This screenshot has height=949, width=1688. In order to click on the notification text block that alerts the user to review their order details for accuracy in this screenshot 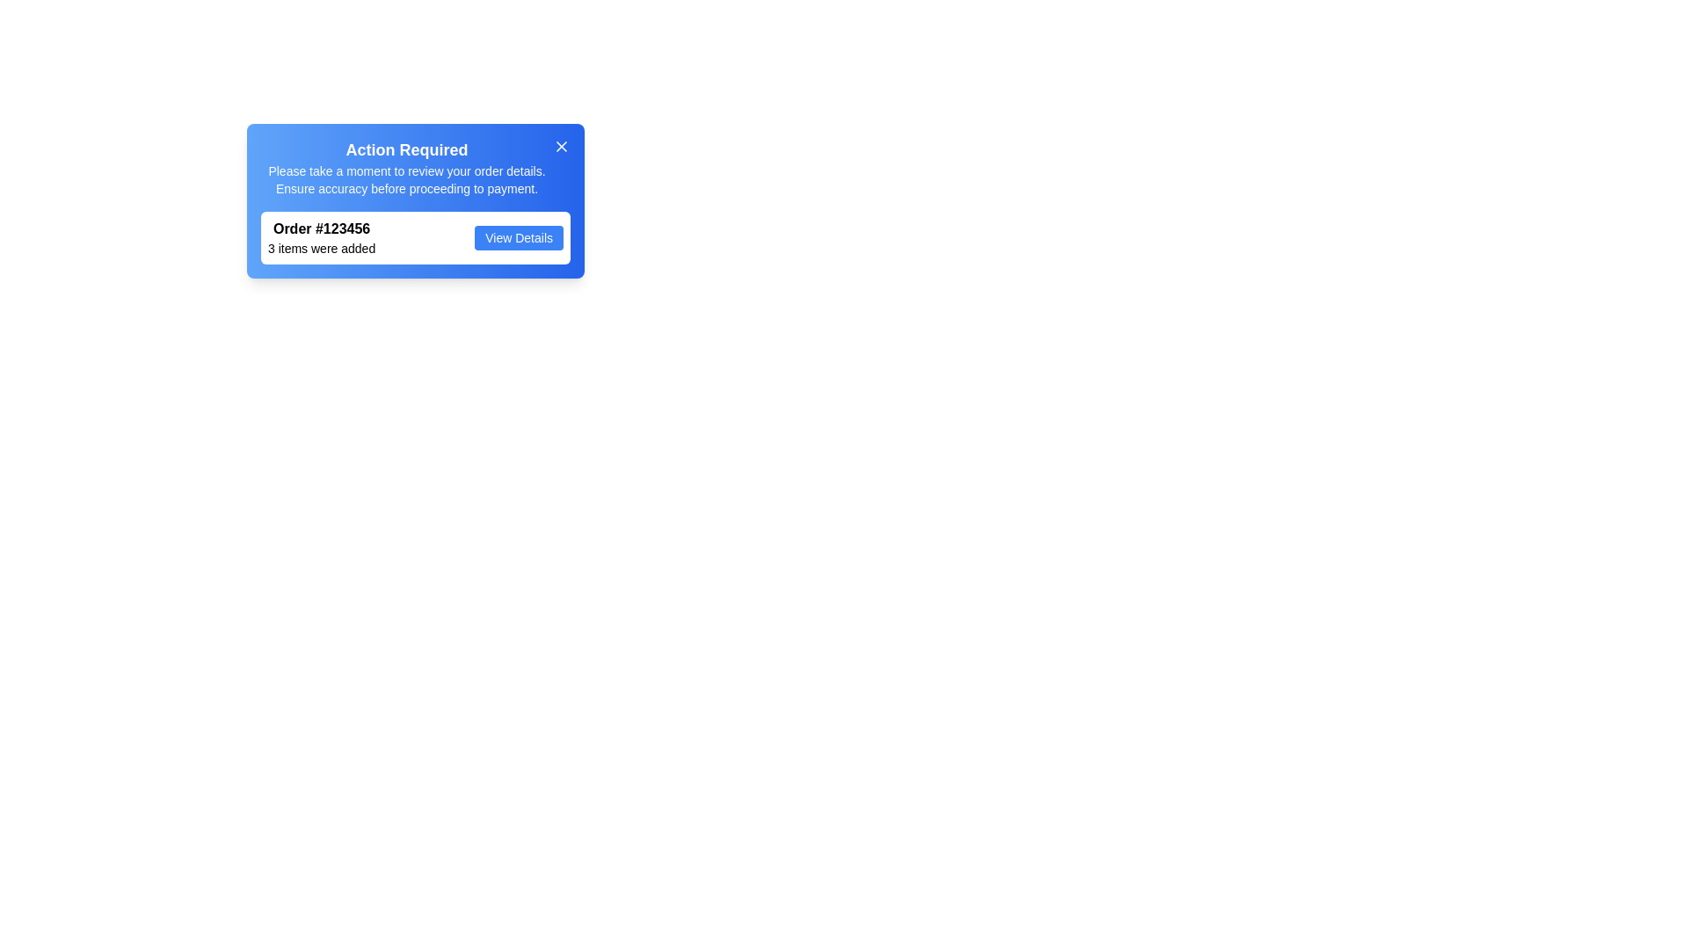, I will do `click(415, 168)`.